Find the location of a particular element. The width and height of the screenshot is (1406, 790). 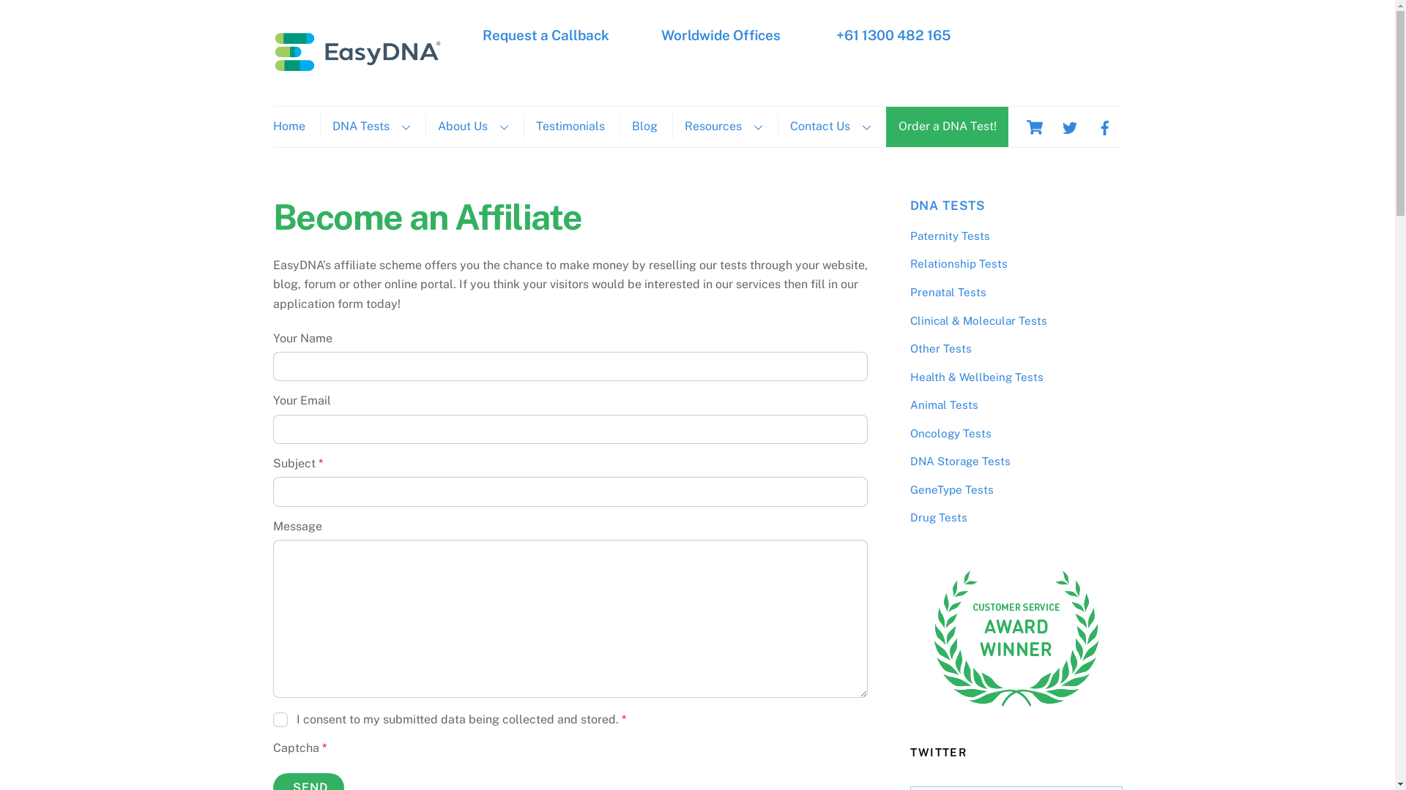

'Worldwide Offices' is located at coordinates (660, 34).